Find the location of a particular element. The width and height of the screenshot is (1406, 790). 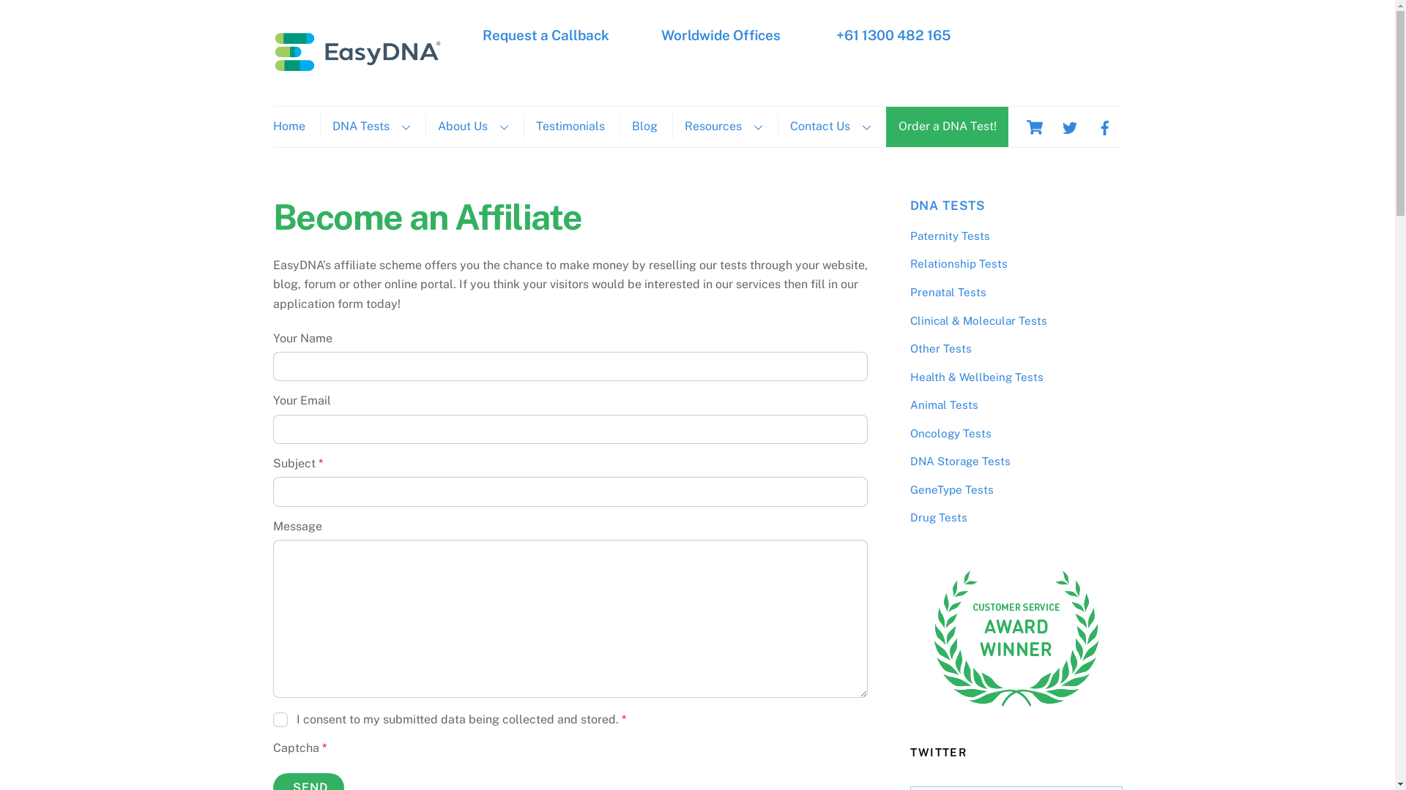

'Worldwide Offices' is located at coordinates (660, 34).